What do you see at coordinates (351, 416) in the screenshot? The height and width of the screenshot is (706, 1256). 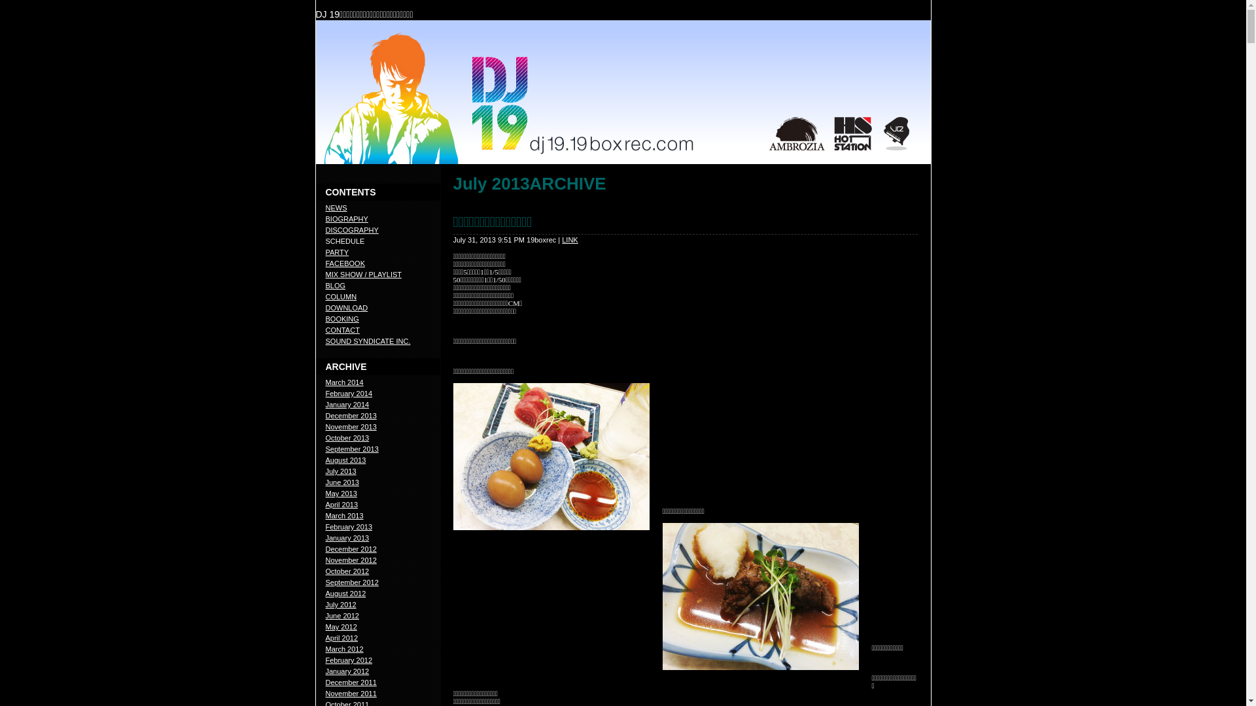 I see `'December 2013'` at bounding box center [351, 416].